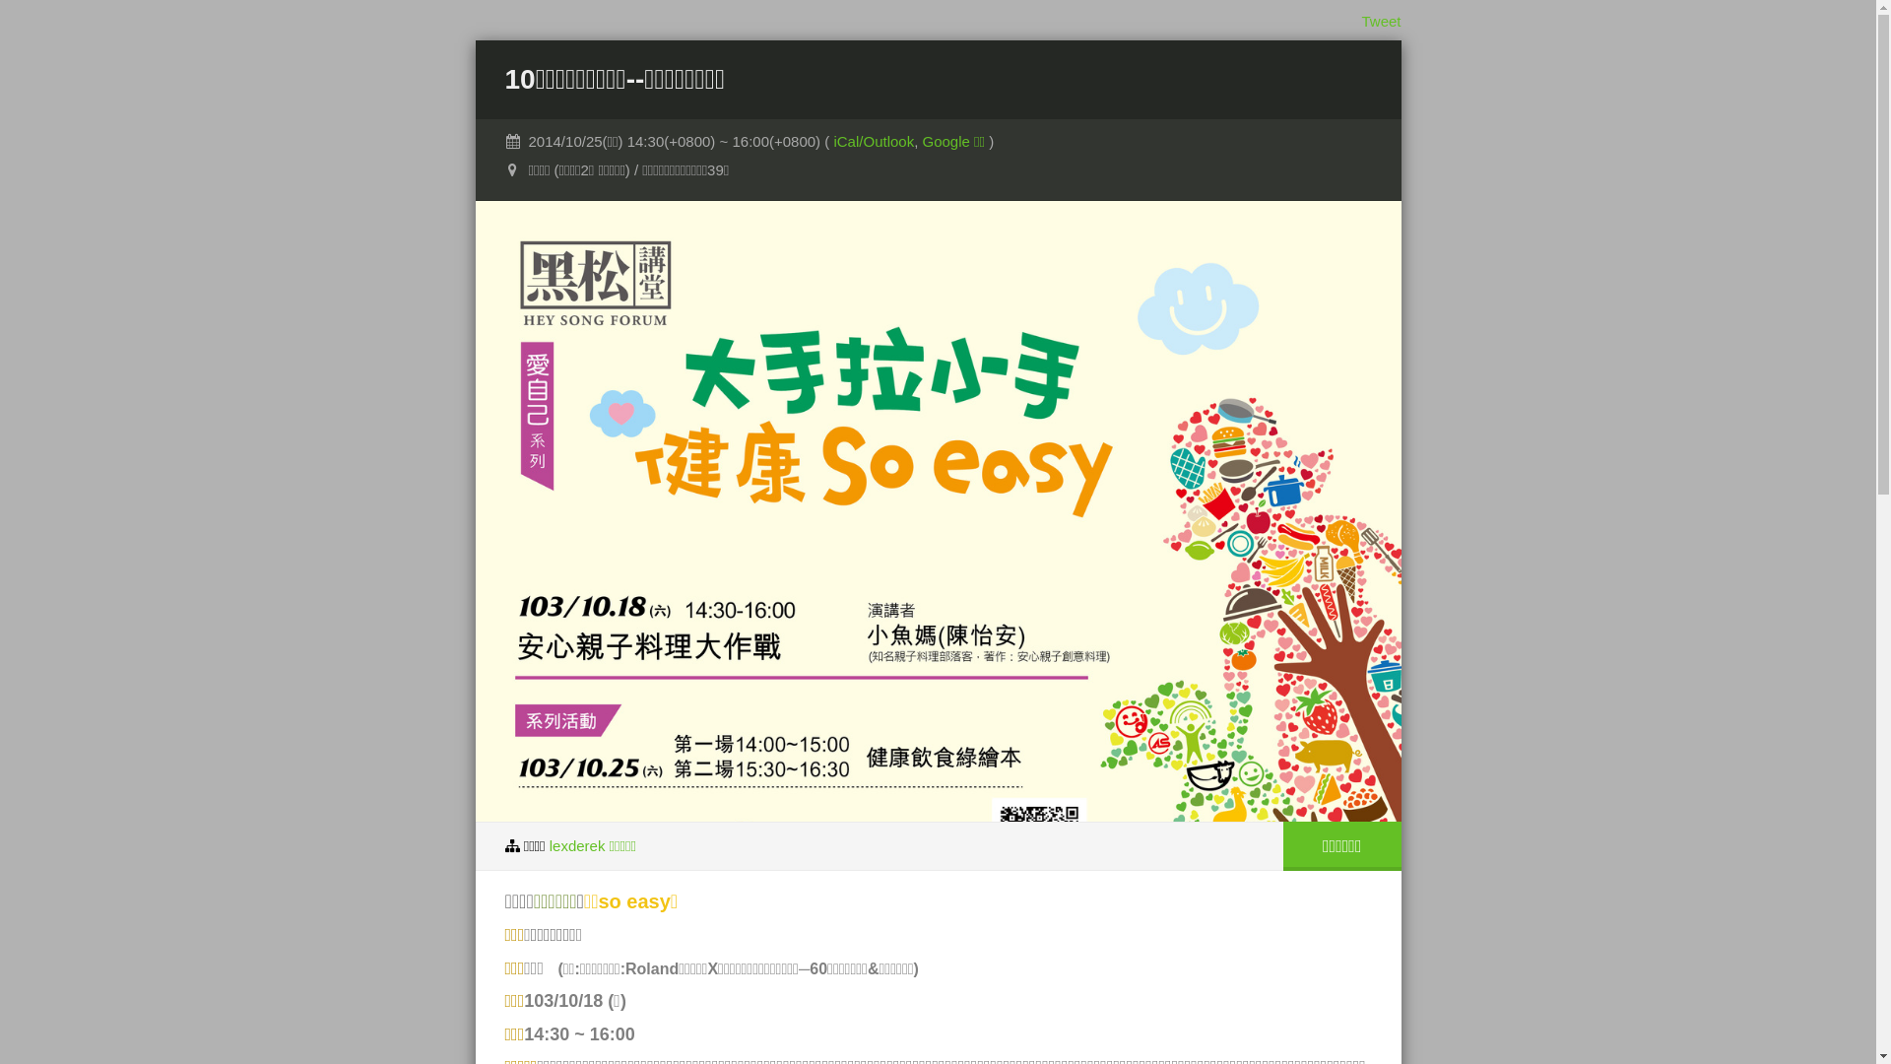  Describe the element at coordinates (1379, 21) in the screenshot. I see `'Tweet'` at that location.